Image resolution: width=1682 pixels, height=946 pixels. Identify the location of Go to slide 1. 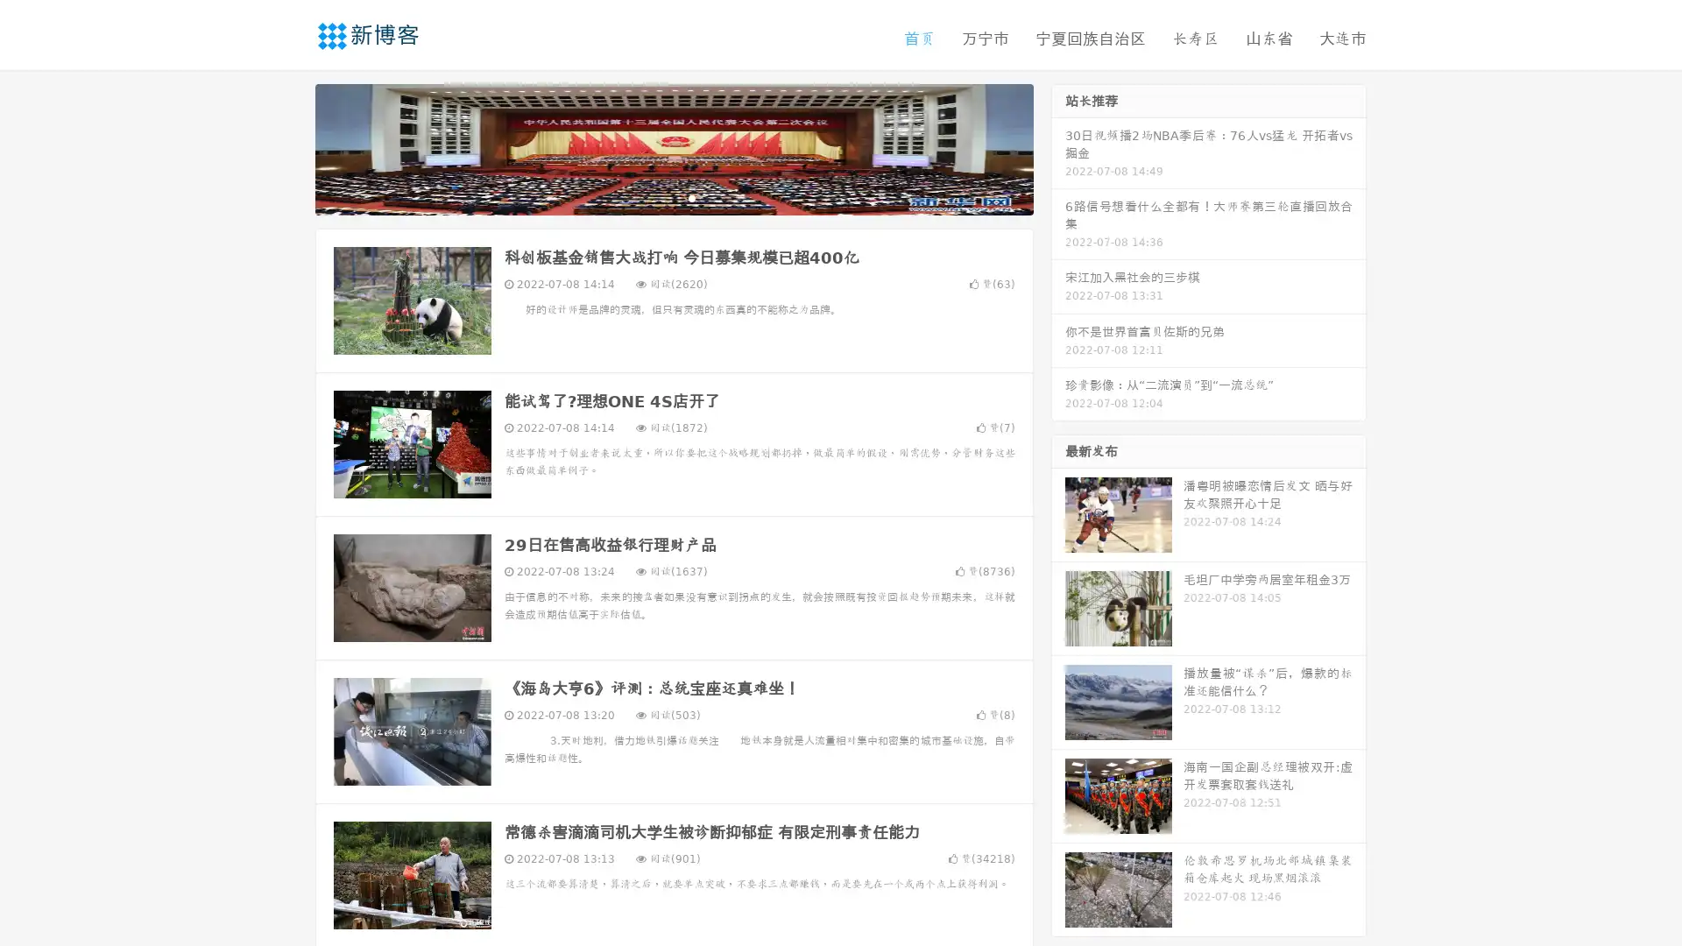
(655, 197).